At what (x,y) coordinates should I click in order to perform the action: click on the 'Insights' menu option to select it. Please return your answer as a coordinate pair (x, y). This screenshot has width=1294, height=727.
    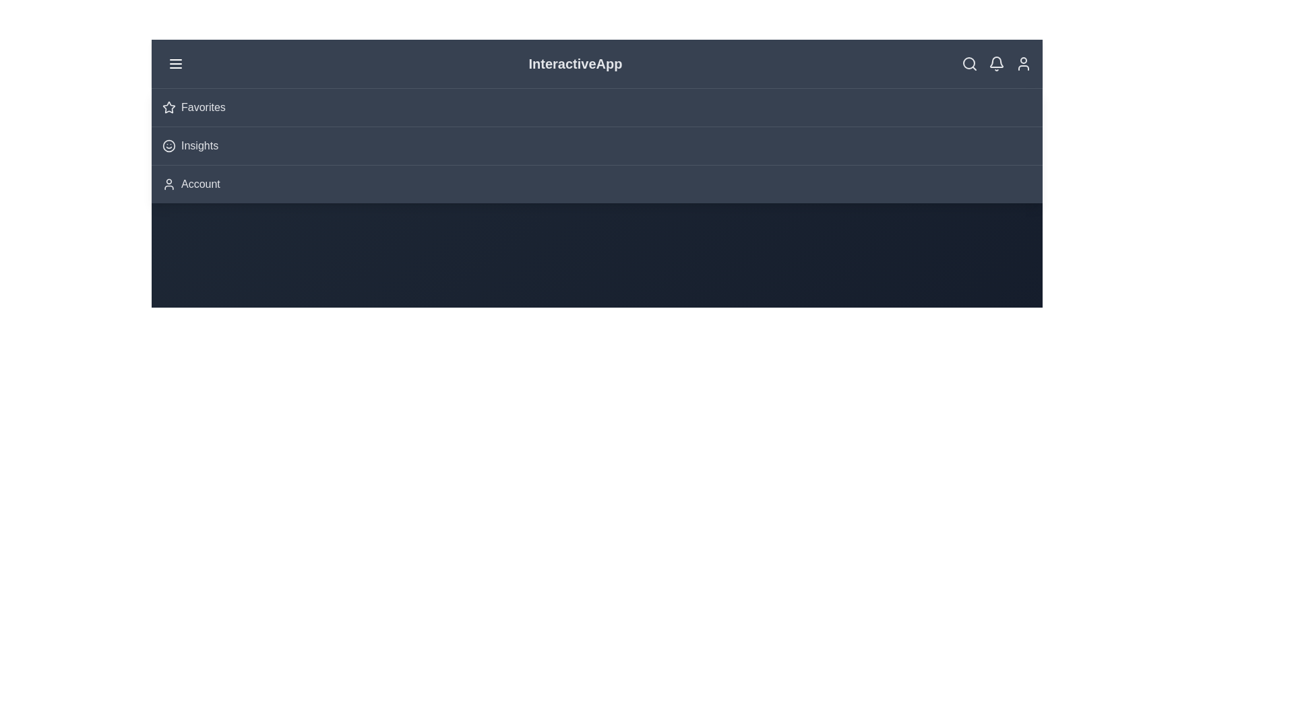
    Looking at the image, I should click on (199, 145).